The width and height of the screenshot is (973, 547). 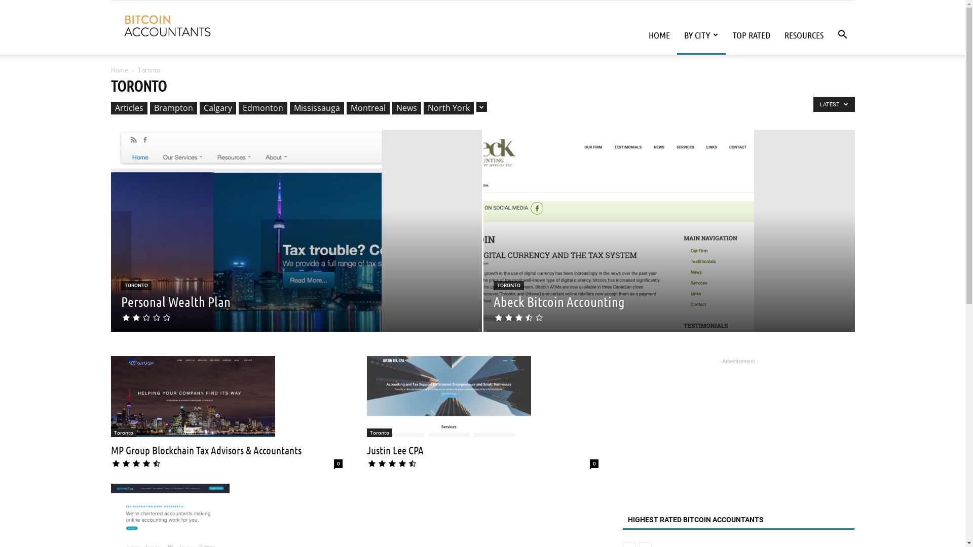 What do you see at coordinates (119, 69) in the screenshot?
I see `'Home'` at bounding box center [119, 69].